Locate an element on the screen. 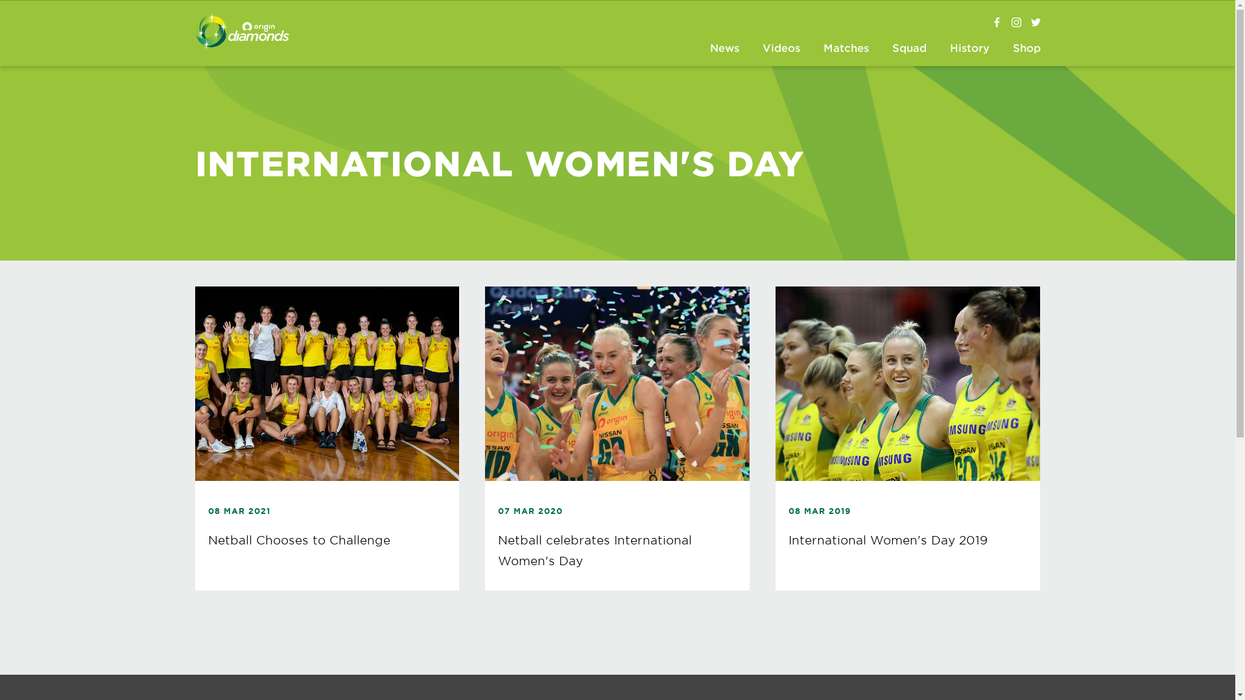 The height and width of the screenshot is (700, 1245). '08 MAR 2021 is located at coordinates (327, 437).